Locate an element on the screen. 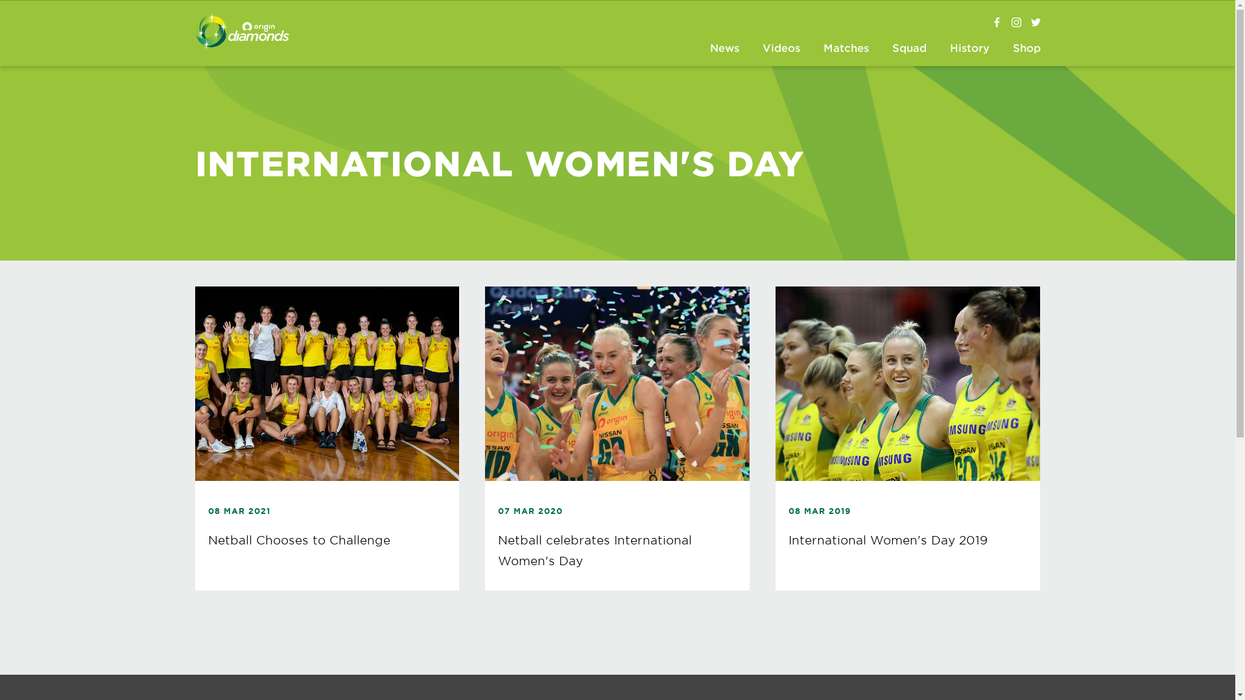 The height and width of the screenshot is (700, 1245). '08 MAR 2021 is located at coordinates (327, 437).